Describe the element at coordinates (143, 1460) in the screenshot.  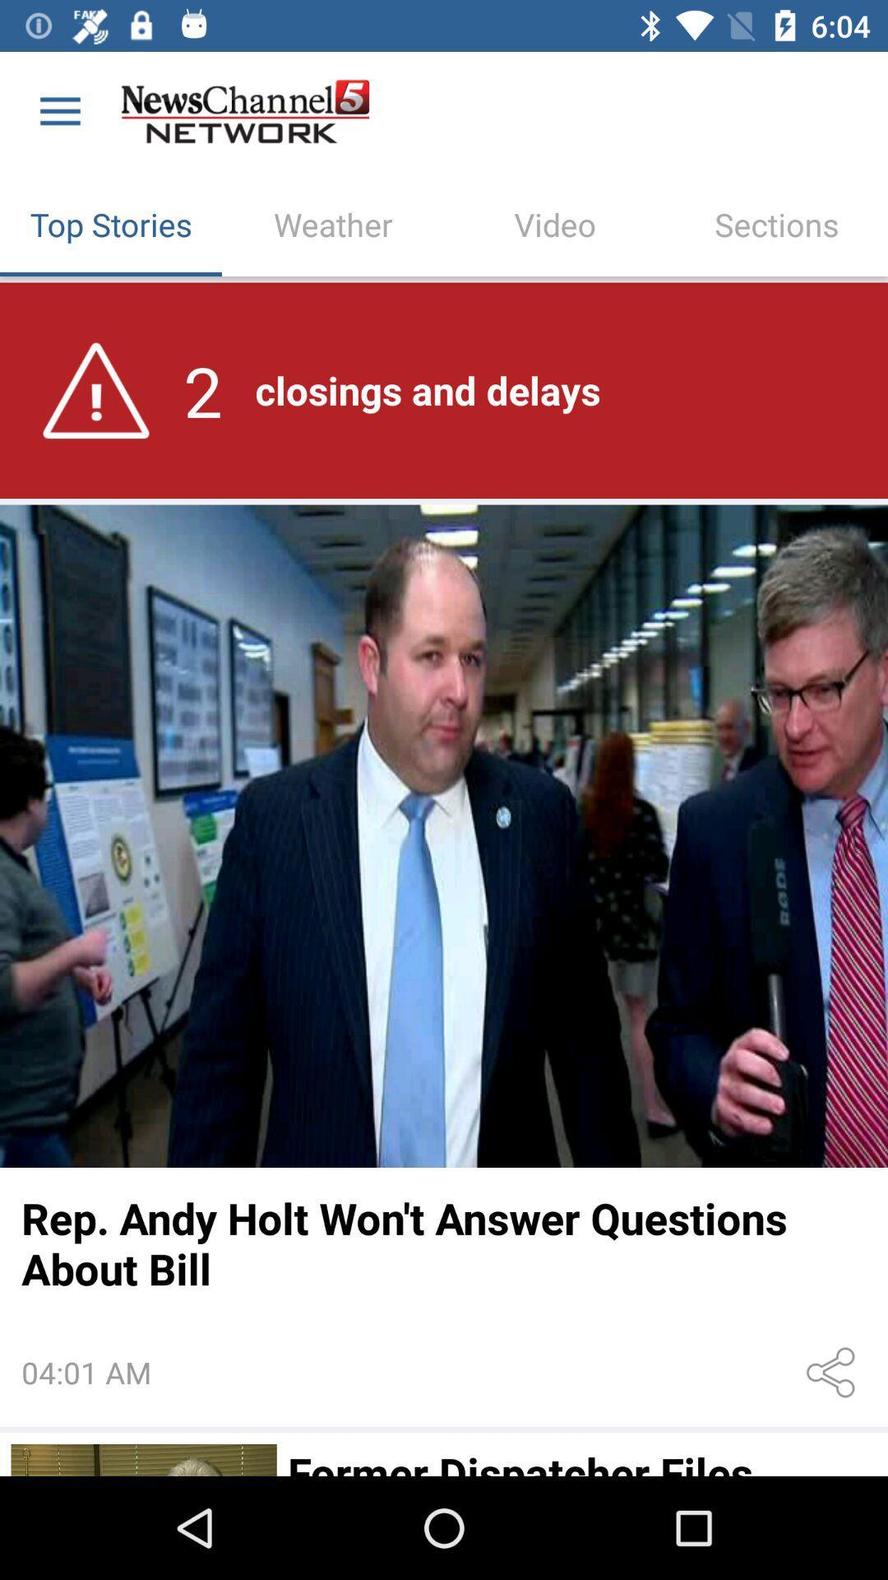
I see `option` at that location.